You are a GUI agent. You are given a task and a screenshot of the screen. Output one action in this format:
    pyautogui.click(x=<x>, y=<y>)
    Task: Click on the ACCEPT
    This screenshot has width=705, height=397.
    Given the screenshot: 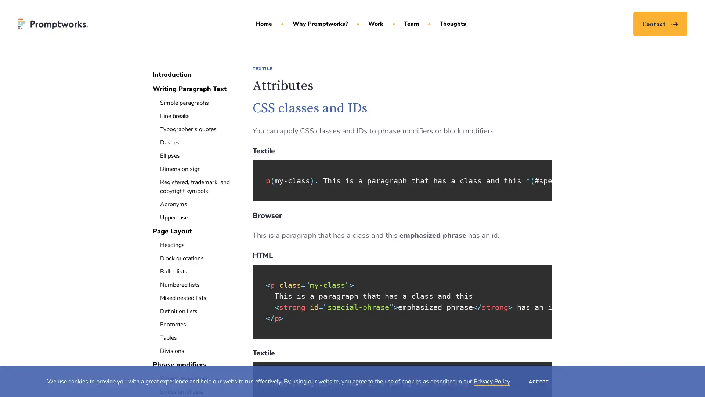 What is the action you would take?
    pyautogui.click(x=539, y=381)
    